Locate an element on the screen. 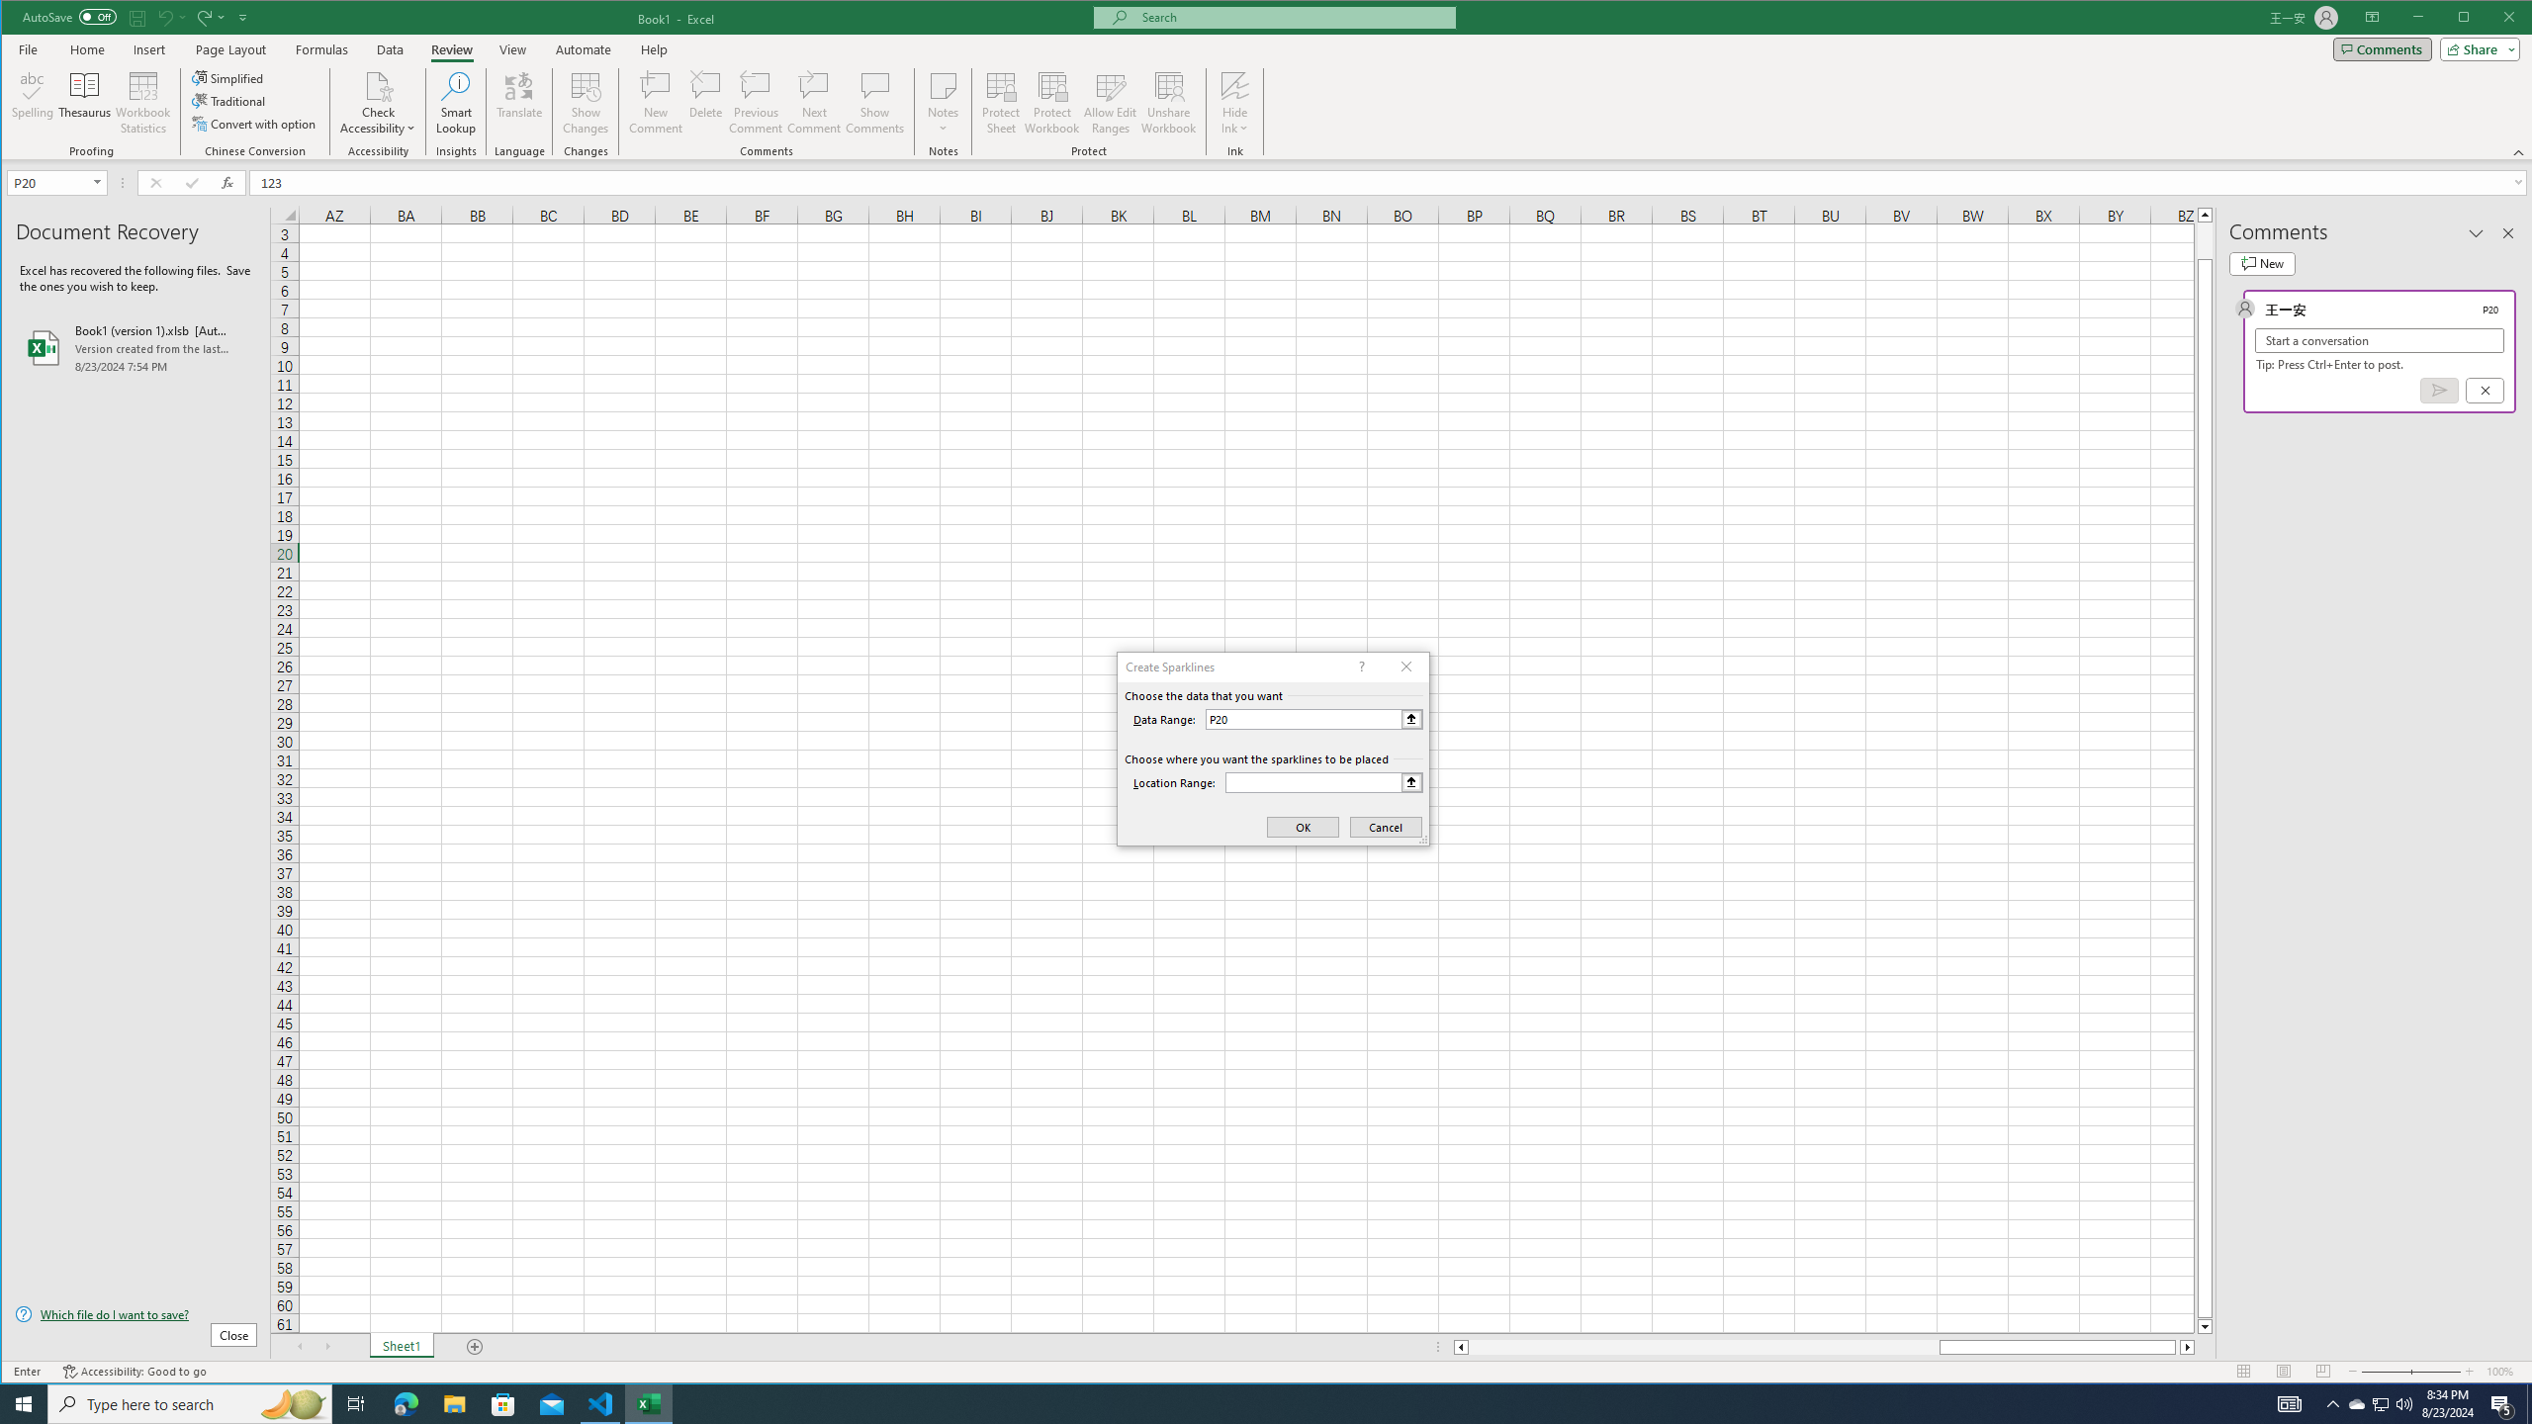 The height and width of the screenshot is (1424, 2532). 'Page right' is located at coordinates (2177, 1347).